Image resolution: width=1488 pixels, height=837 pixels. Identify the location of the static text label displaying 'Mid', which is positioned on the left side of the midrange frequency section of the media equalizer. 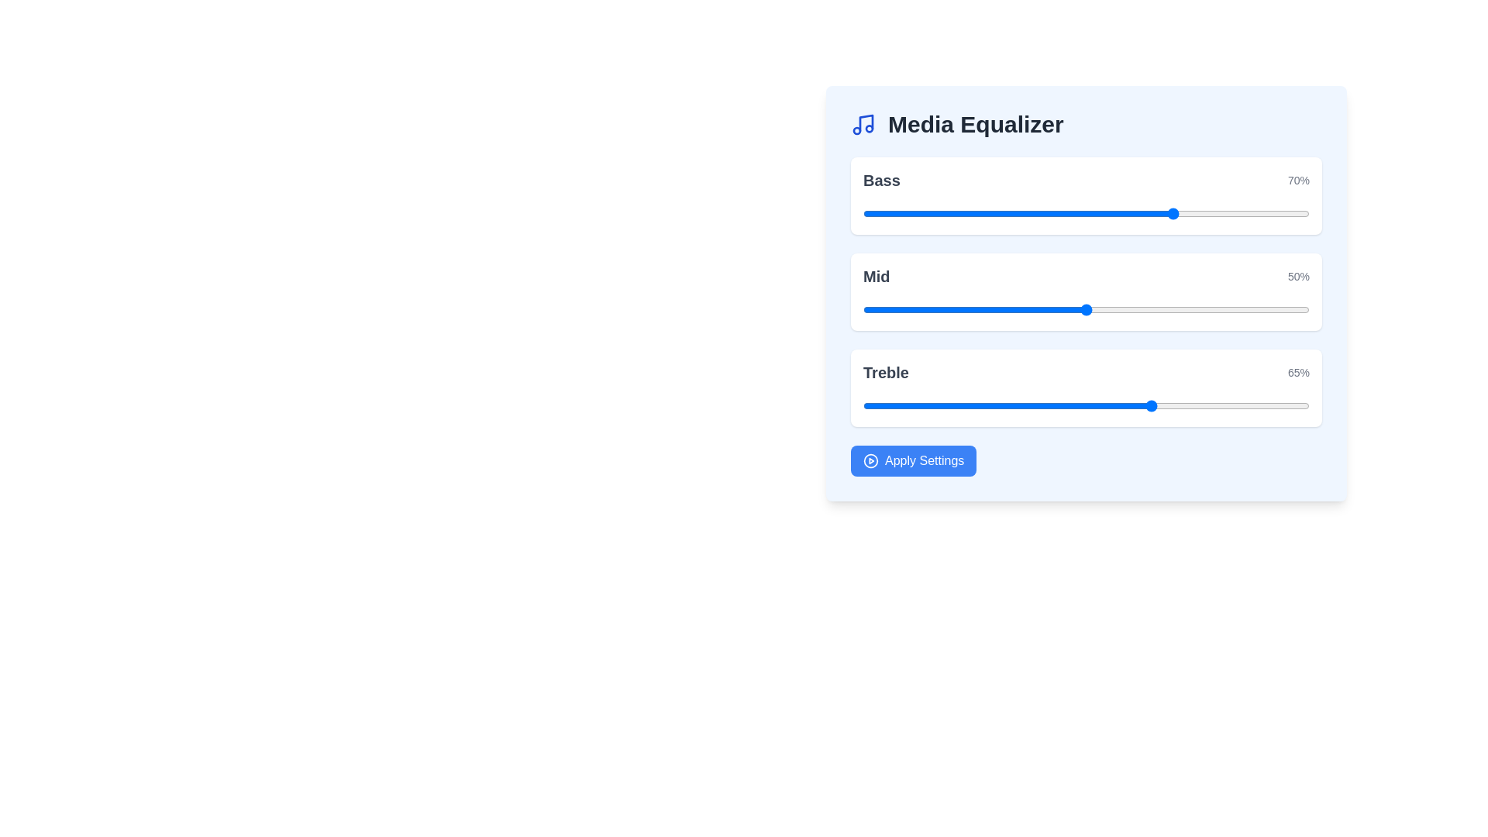
(877, 276).